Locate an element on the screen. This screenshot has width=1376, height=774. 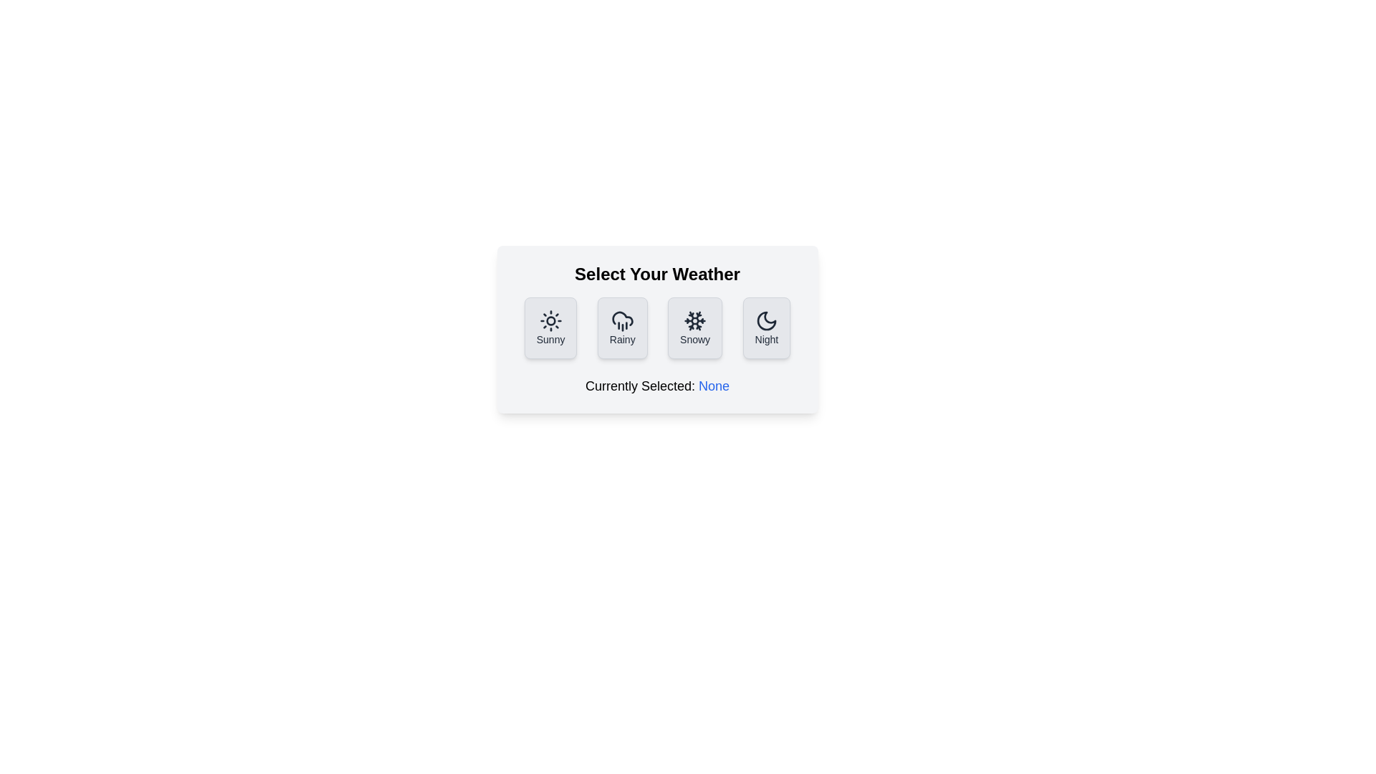
the 'Night' weather option icon located in the central interactive panel is located at coordinates (765, 320).